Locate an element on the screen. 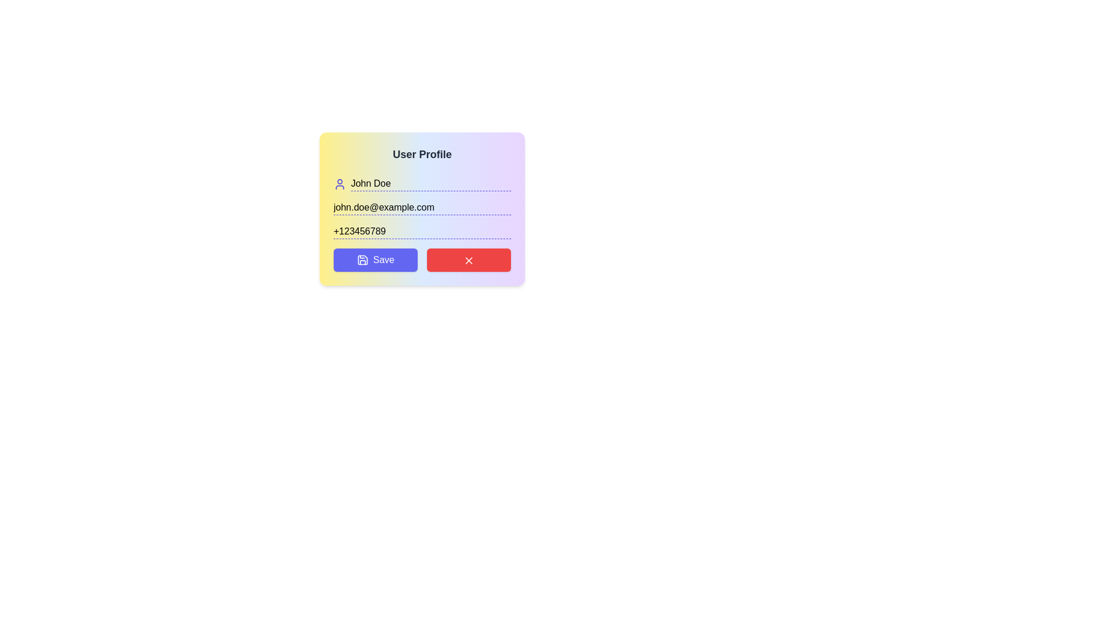 This screenshot has height=630, width=1120. the 'Save' button, which is a white text button centered within a blue rectangular area with rounded edges, located at the bottom left of the user profile card is located at coordinates (383, 260).